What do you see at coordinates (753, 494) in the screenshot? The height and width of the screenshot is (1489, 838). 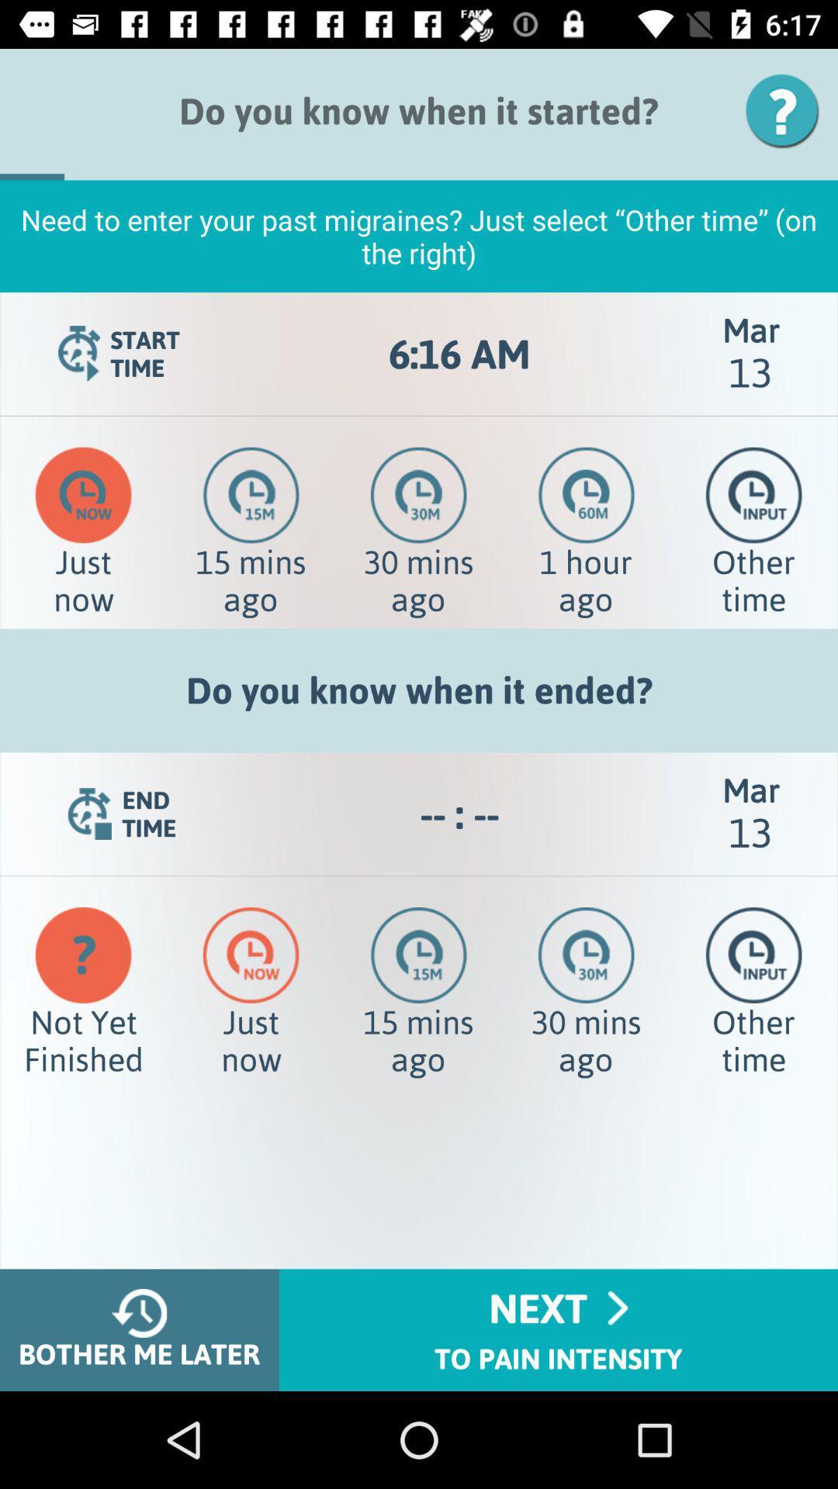 I see `the time icon` at bounding box center [753, 494].